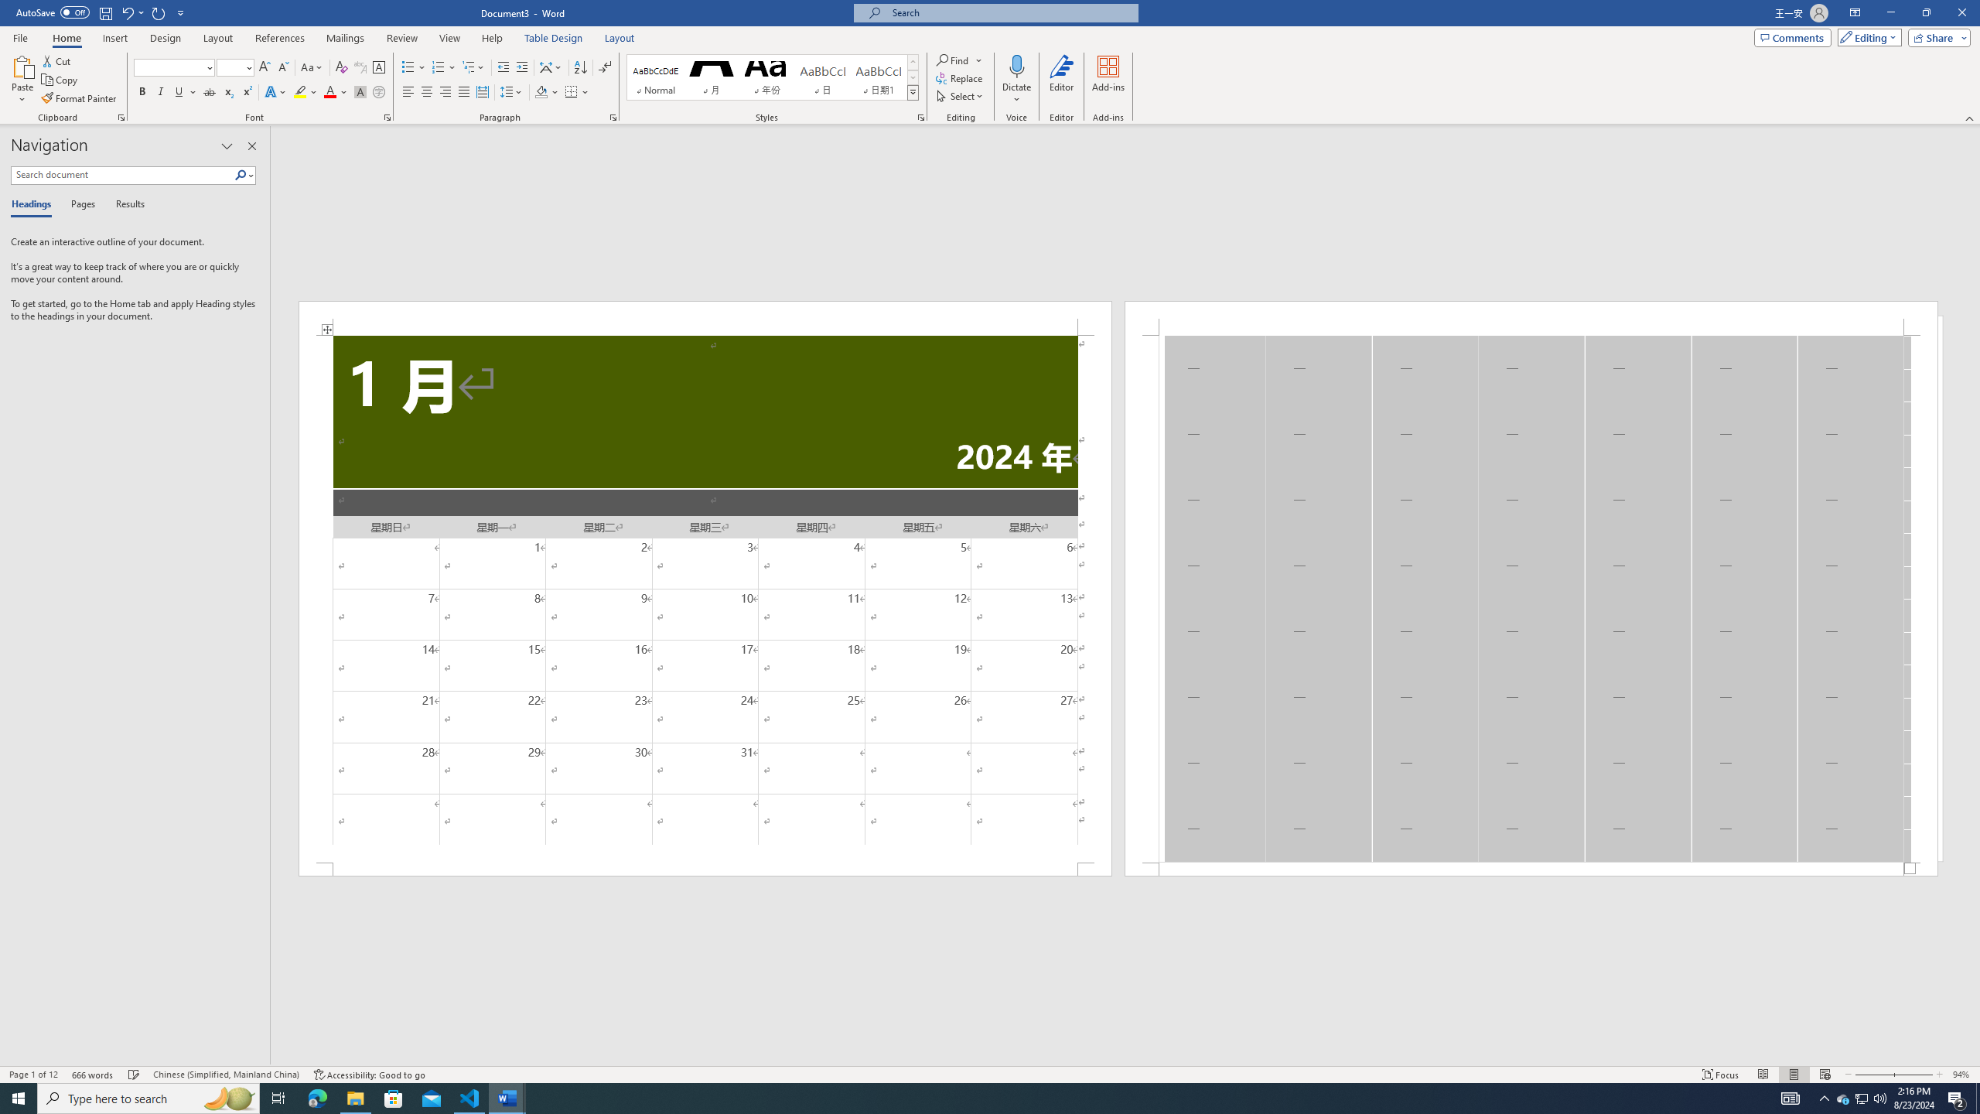 Image resolution: width=1980 pixels, height=1114 pixels. What do you see at coordinates (491, 38) in the screenshot?
I see `'Help'` at bounding box center [491, 38].